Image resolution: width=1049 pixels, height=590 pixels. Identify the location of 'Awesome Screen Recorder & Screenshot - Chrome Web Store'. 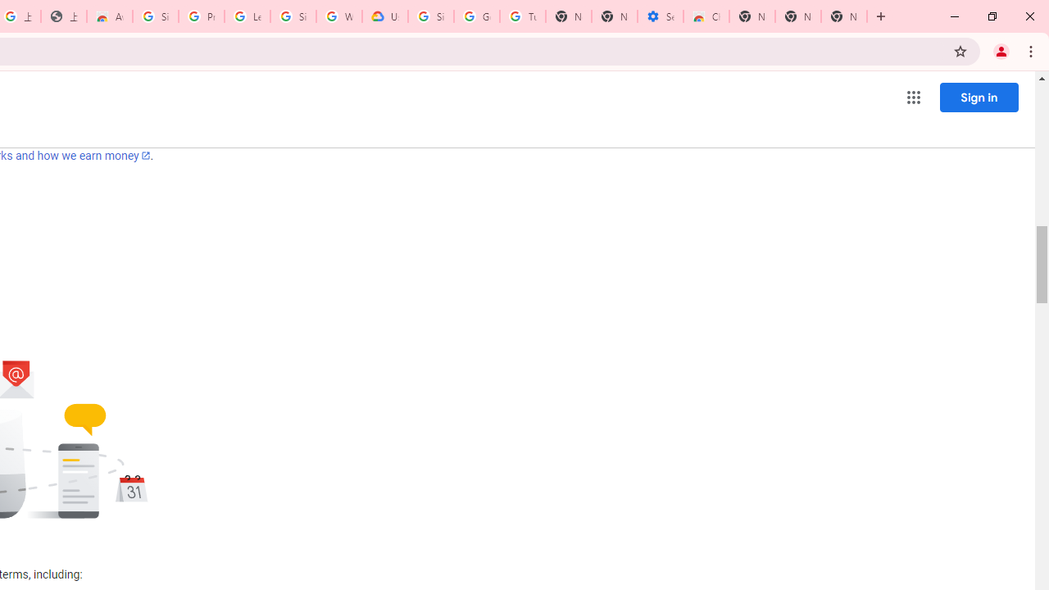
(109, 16).